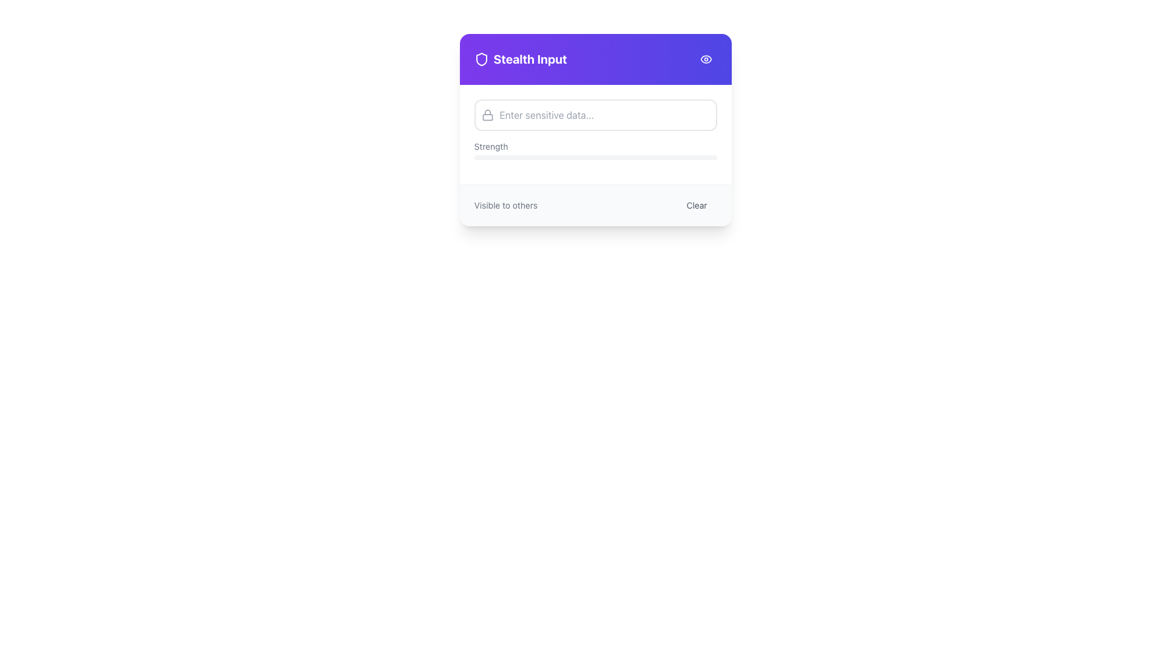 The image size is (1165, 655). What do you see at coordinates (481, 59) in the screenshot?
I see `the shield-shaped icon with a white outline on a purple background, located to the left of the text 'Stealth Input' within the header section of a card` at bounding box center [481, 59].